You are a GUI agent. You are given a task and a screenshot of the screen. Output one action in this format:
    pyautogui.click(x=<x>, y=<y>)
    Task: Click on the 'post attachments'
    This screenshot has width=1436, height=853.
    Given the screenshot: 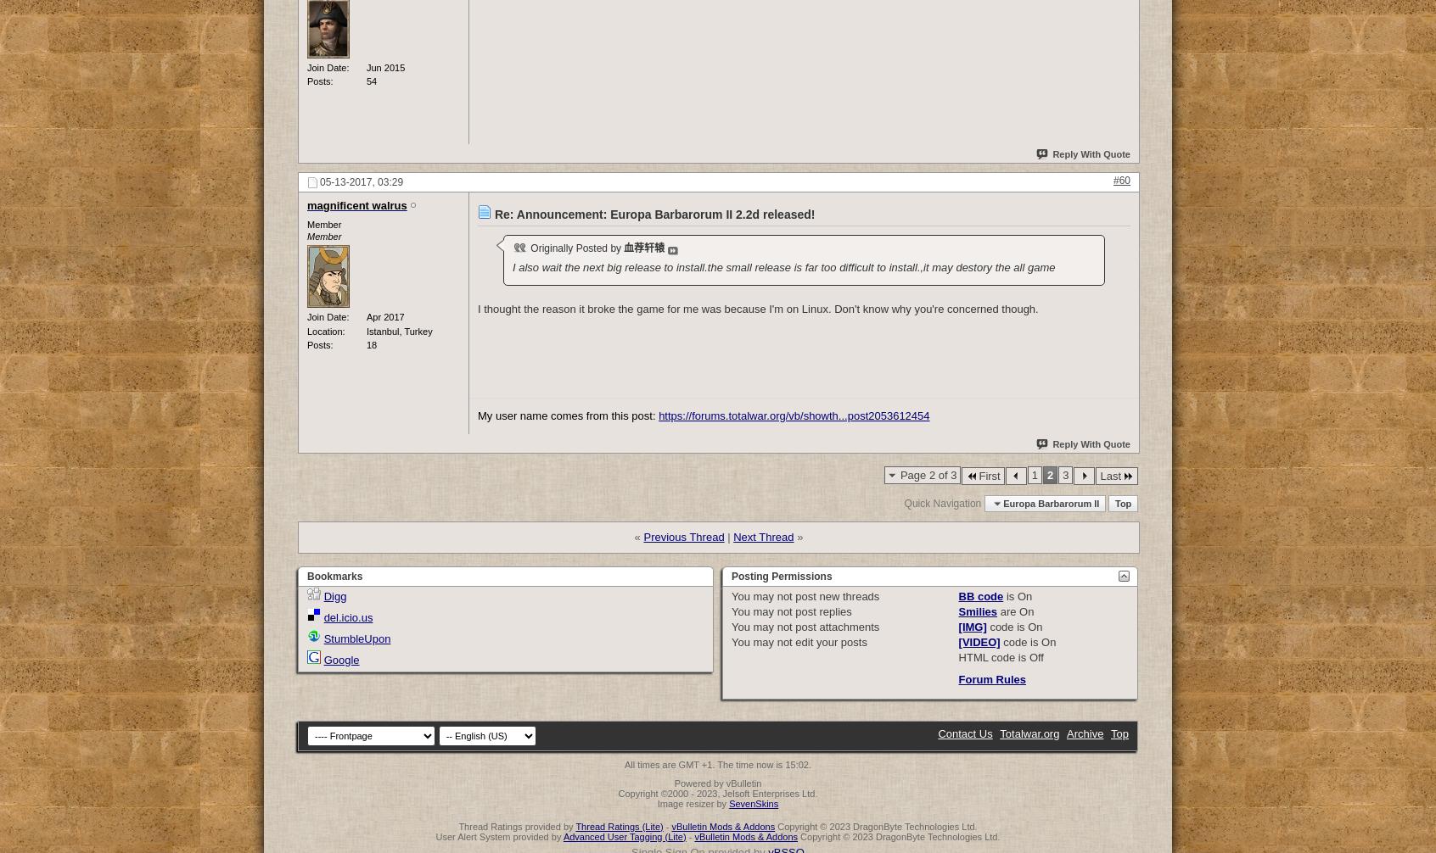 What is the action you would take?
    pyautogui.click(x=791, y=626)
    